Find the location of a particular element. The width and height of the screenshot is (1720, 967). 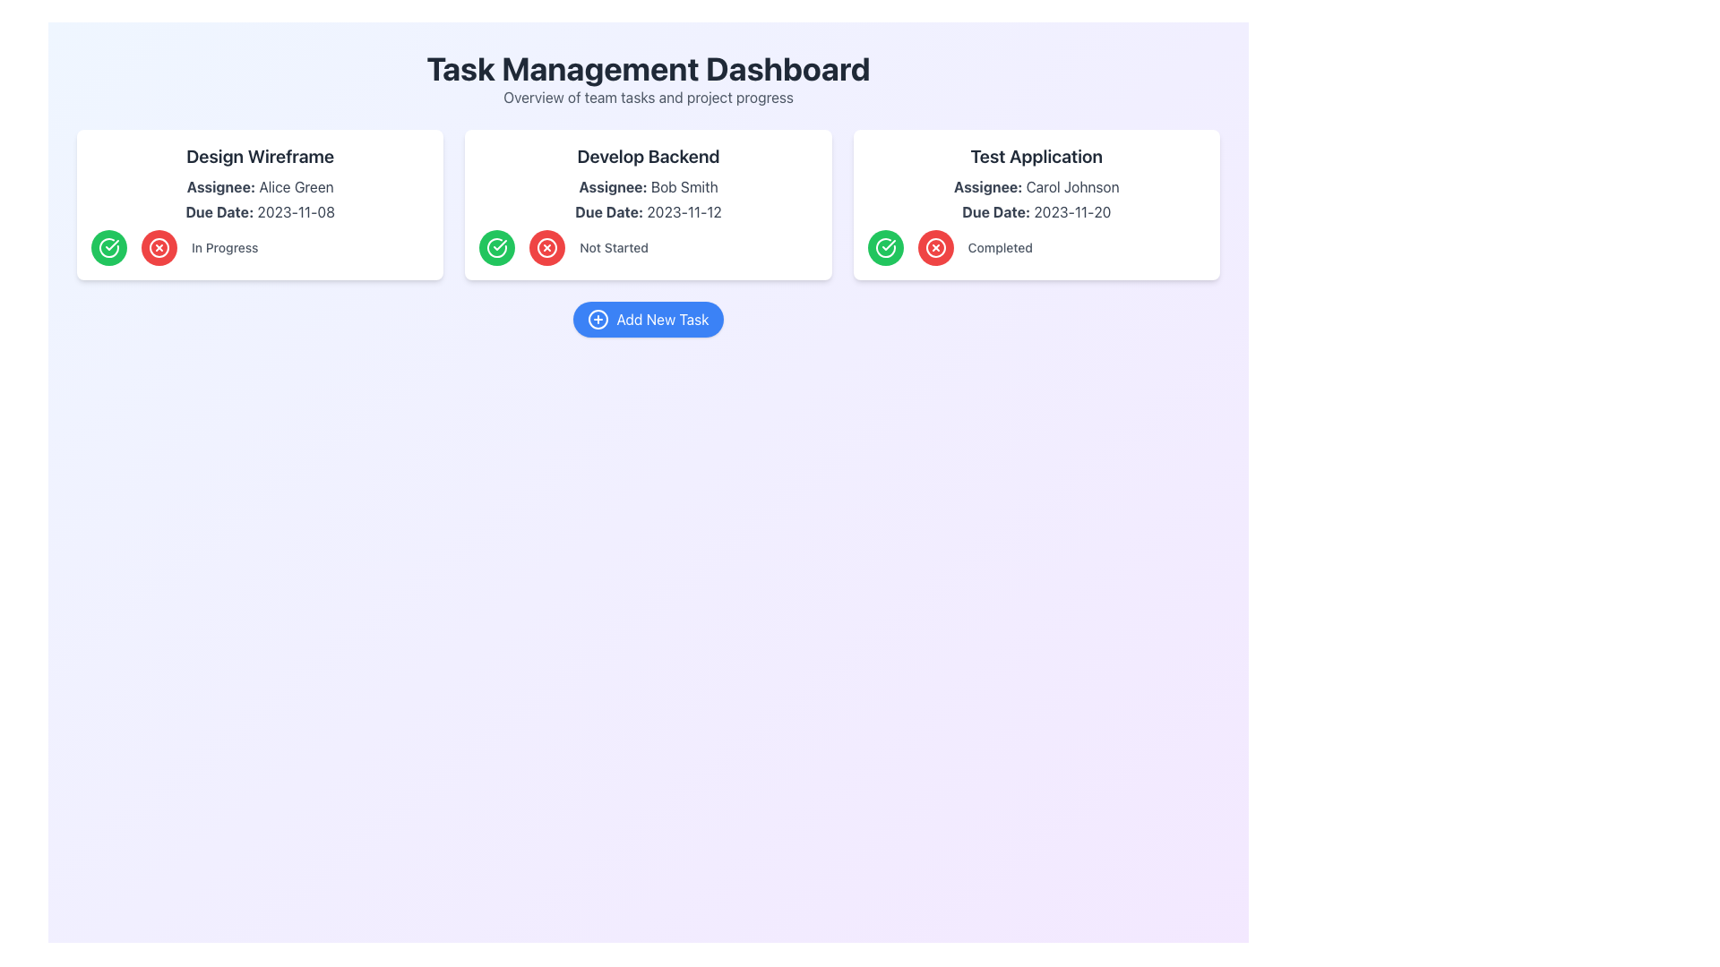

the supplementary Text Label located beneath the title 'Task Management Dashboard', which provides a description of the dashboard's purpose is located at coordinates (648, 97).